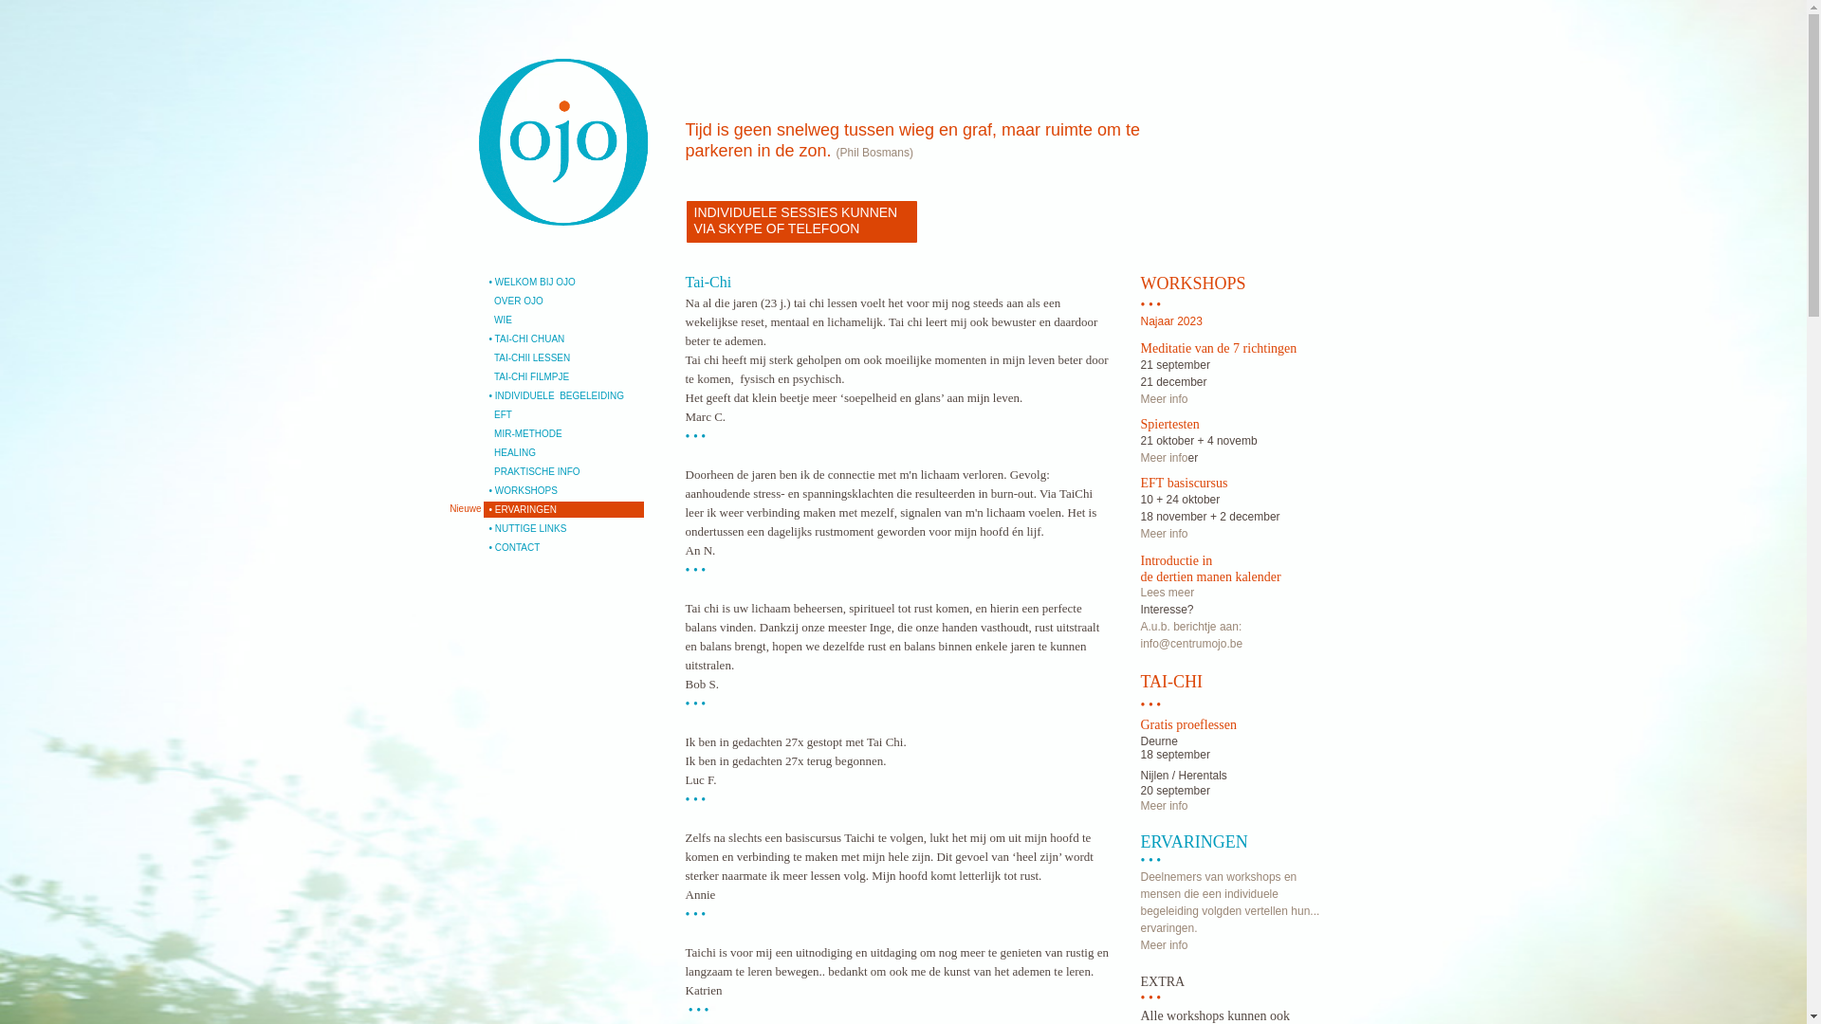  I want to click on 'INDIVIDUELE SESSIES KUNNEN, so click(801, 221).